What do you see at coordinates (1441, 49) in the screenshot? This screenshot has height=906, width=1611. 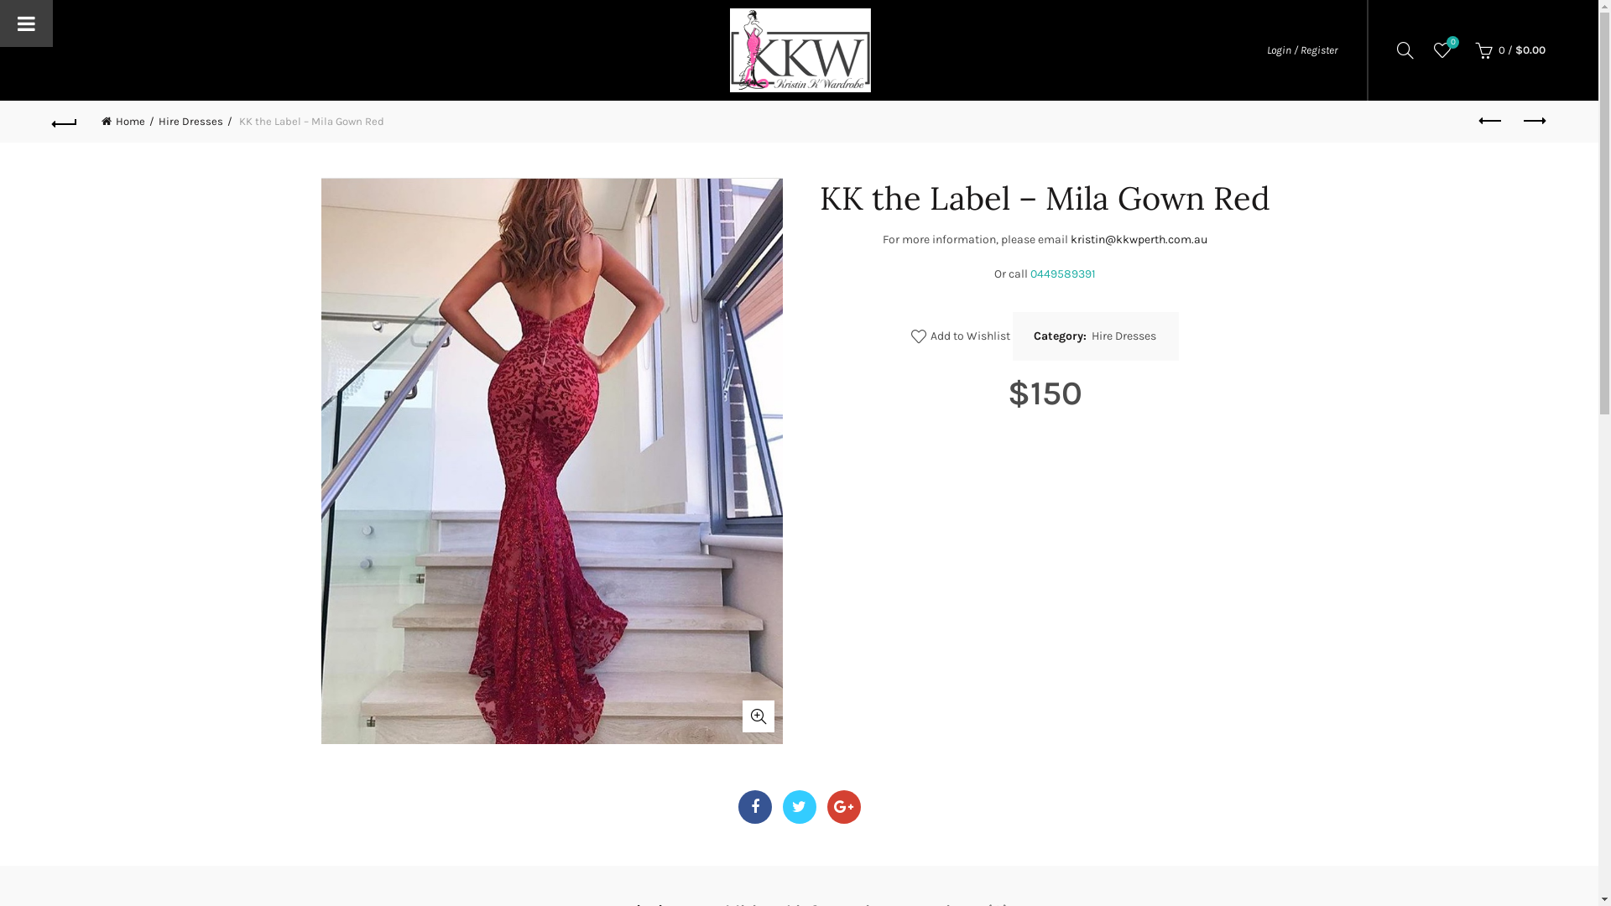 I see `'Wishlist` at bounding box center [1441, 49].